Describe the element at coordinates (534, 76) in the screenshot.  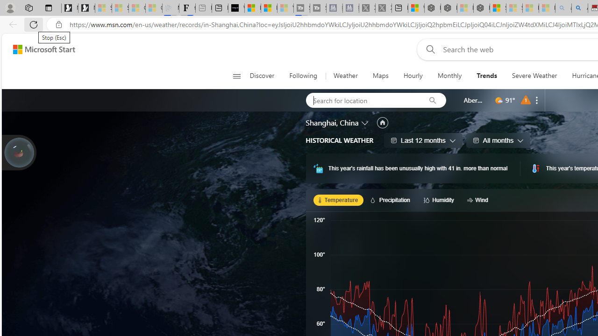
I see `'Severe Weather'` at that location.